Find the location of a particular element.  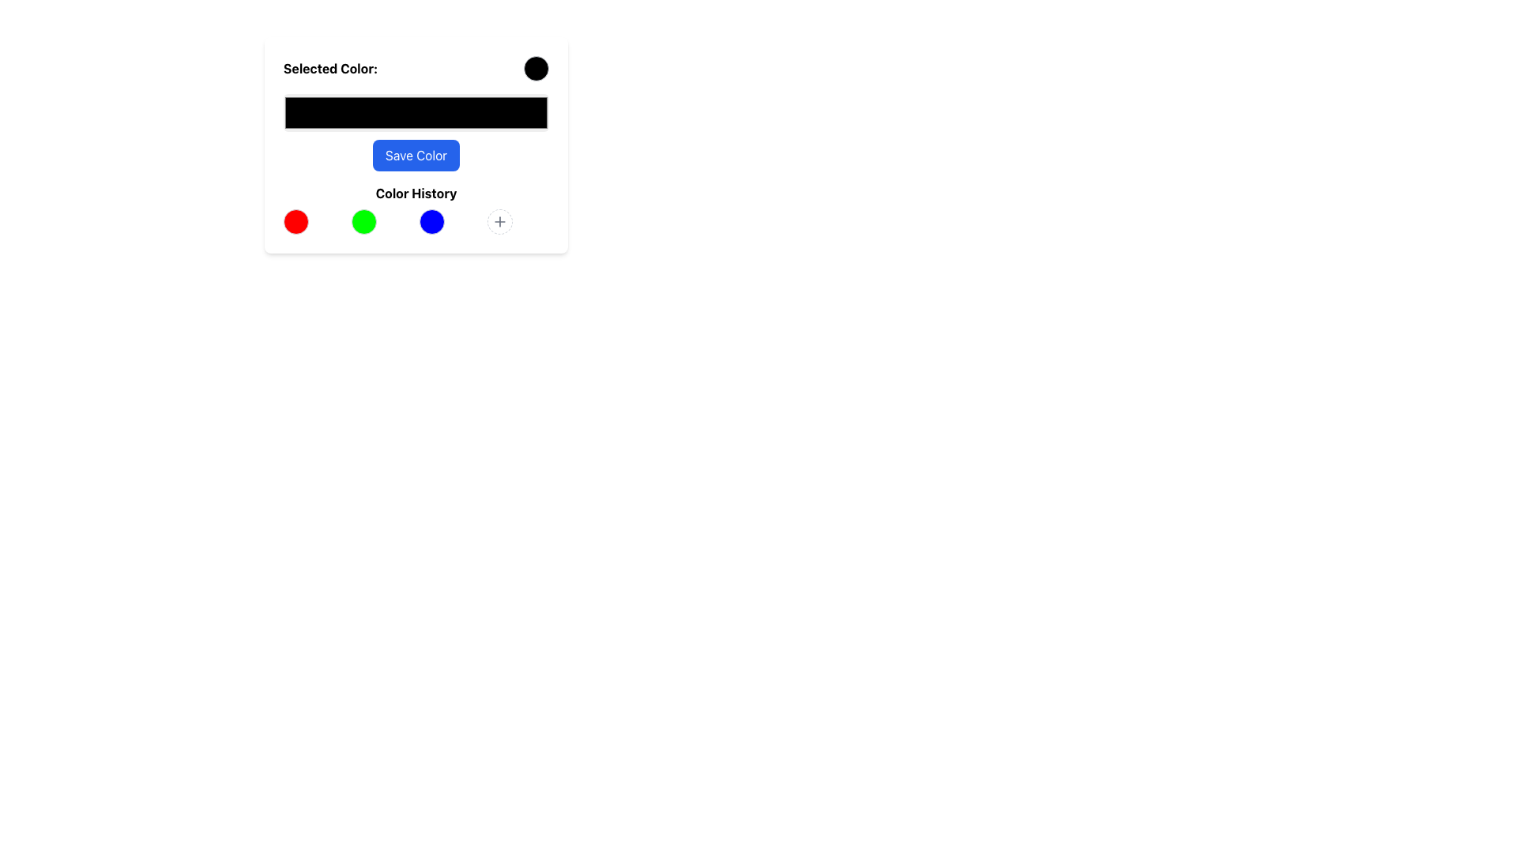

the circular gray button with a plus symbol located in the lower-right corner of the main card in the 'Color History' section for additional actions is located at coordinates (499, 222).